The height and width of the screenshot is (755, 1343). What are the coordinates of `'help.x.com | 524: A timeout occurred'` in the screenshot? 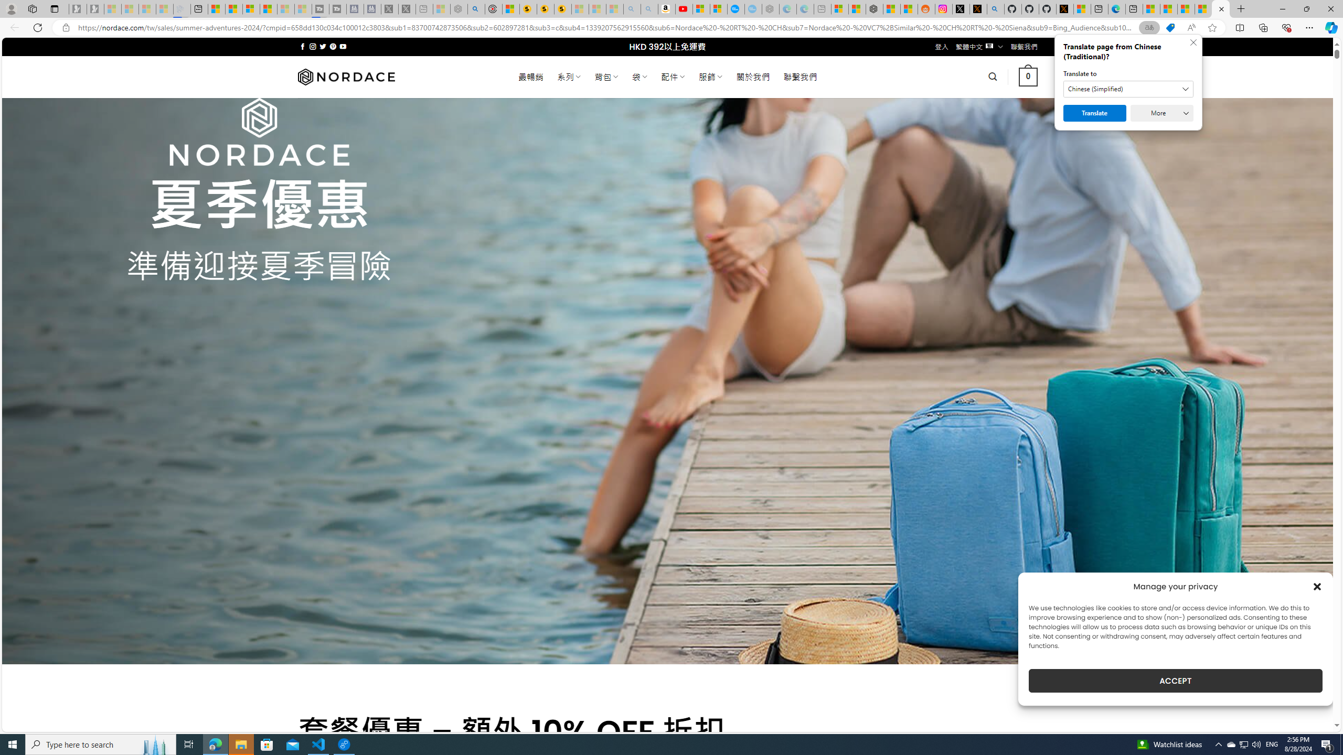 It's located at (977, 8).